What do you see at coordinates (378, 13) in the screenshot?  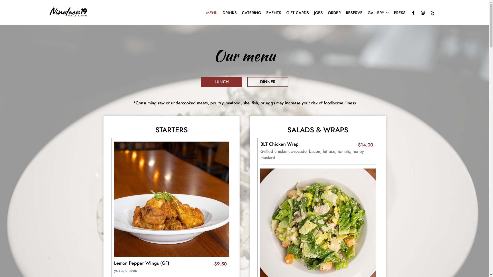 I see `'GALLERY'` at bounding box center [378, 13].